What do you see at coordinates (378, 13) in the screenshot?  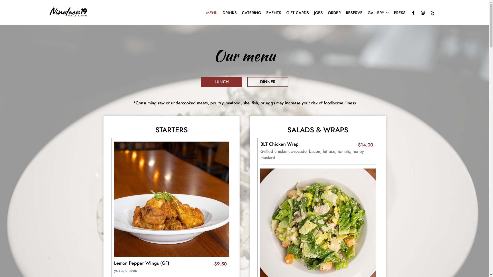 I see `'GALLERY'` at bounding box center [378, 13].